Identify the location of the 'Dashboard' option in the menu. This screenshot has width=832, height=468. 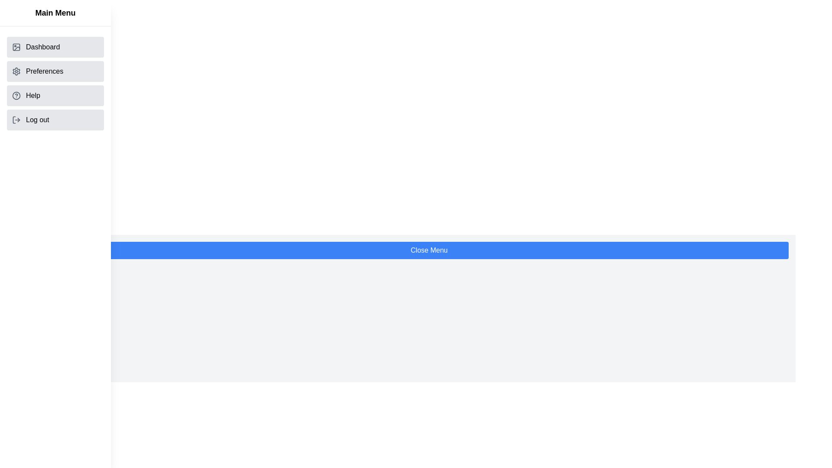
(55, 47).